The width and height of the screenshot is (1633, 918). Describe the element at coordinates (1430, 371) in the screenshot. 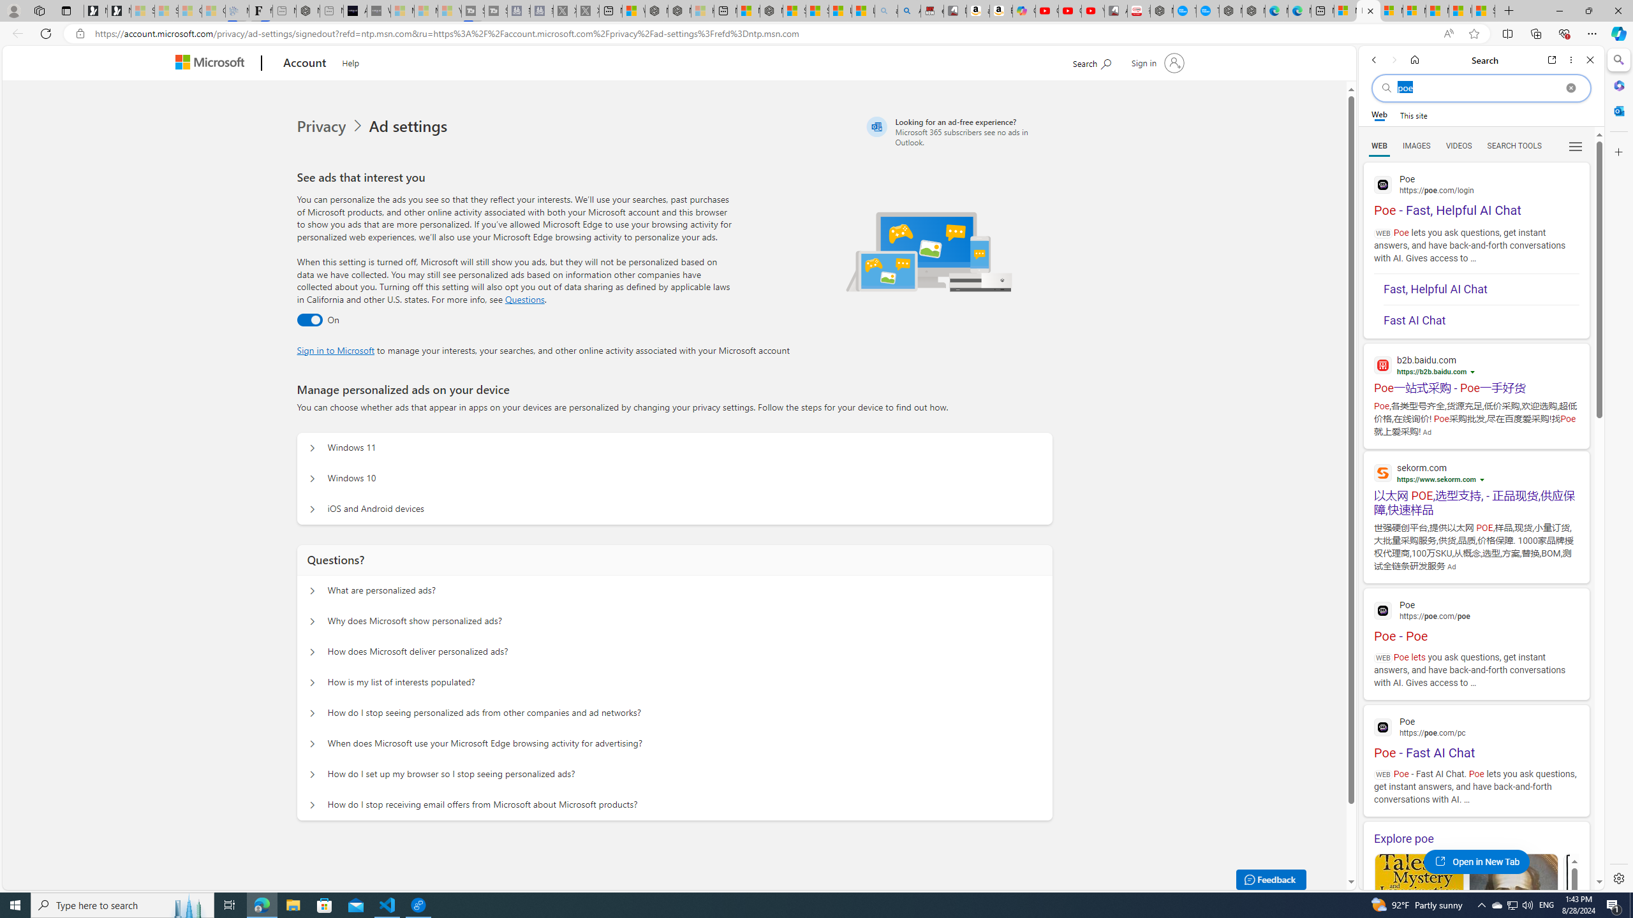

I see `'https://b2b.baidu.com'` at that location.